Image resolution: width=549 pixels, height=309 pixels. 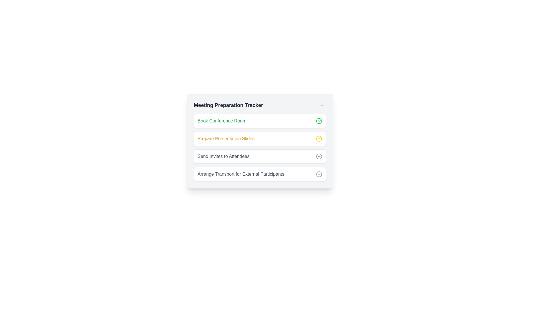 I want to click on the icon to the right of the 'Prepare Presentation Slides' task item, which is used to mark the task as incomplete or needing action, so click(x=319, y=139).